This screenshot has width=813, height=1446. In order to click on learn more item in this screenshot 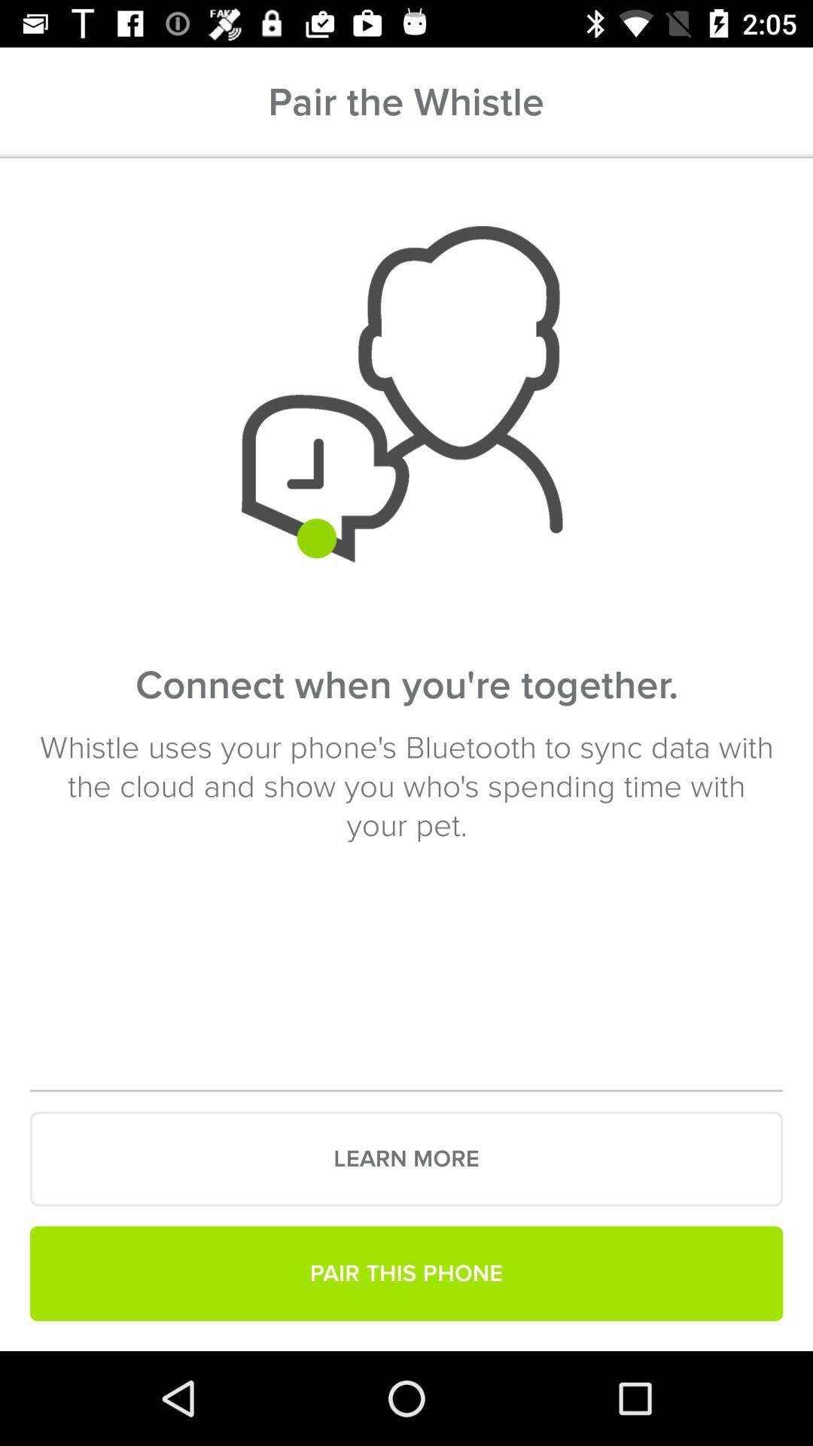, I will do `click(406, 1158)`.